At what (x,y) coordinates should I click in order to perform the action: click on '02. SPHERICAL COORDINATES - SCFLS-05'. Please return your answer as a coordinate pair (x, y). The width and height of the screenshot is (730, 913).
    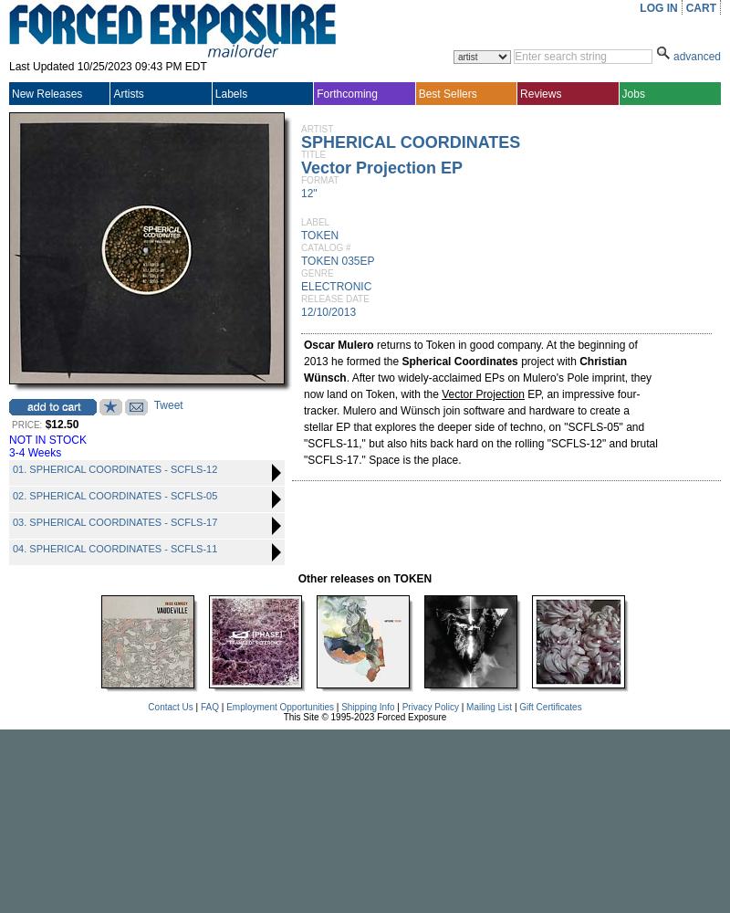
    Looking at the image, I should click on (114, 496).